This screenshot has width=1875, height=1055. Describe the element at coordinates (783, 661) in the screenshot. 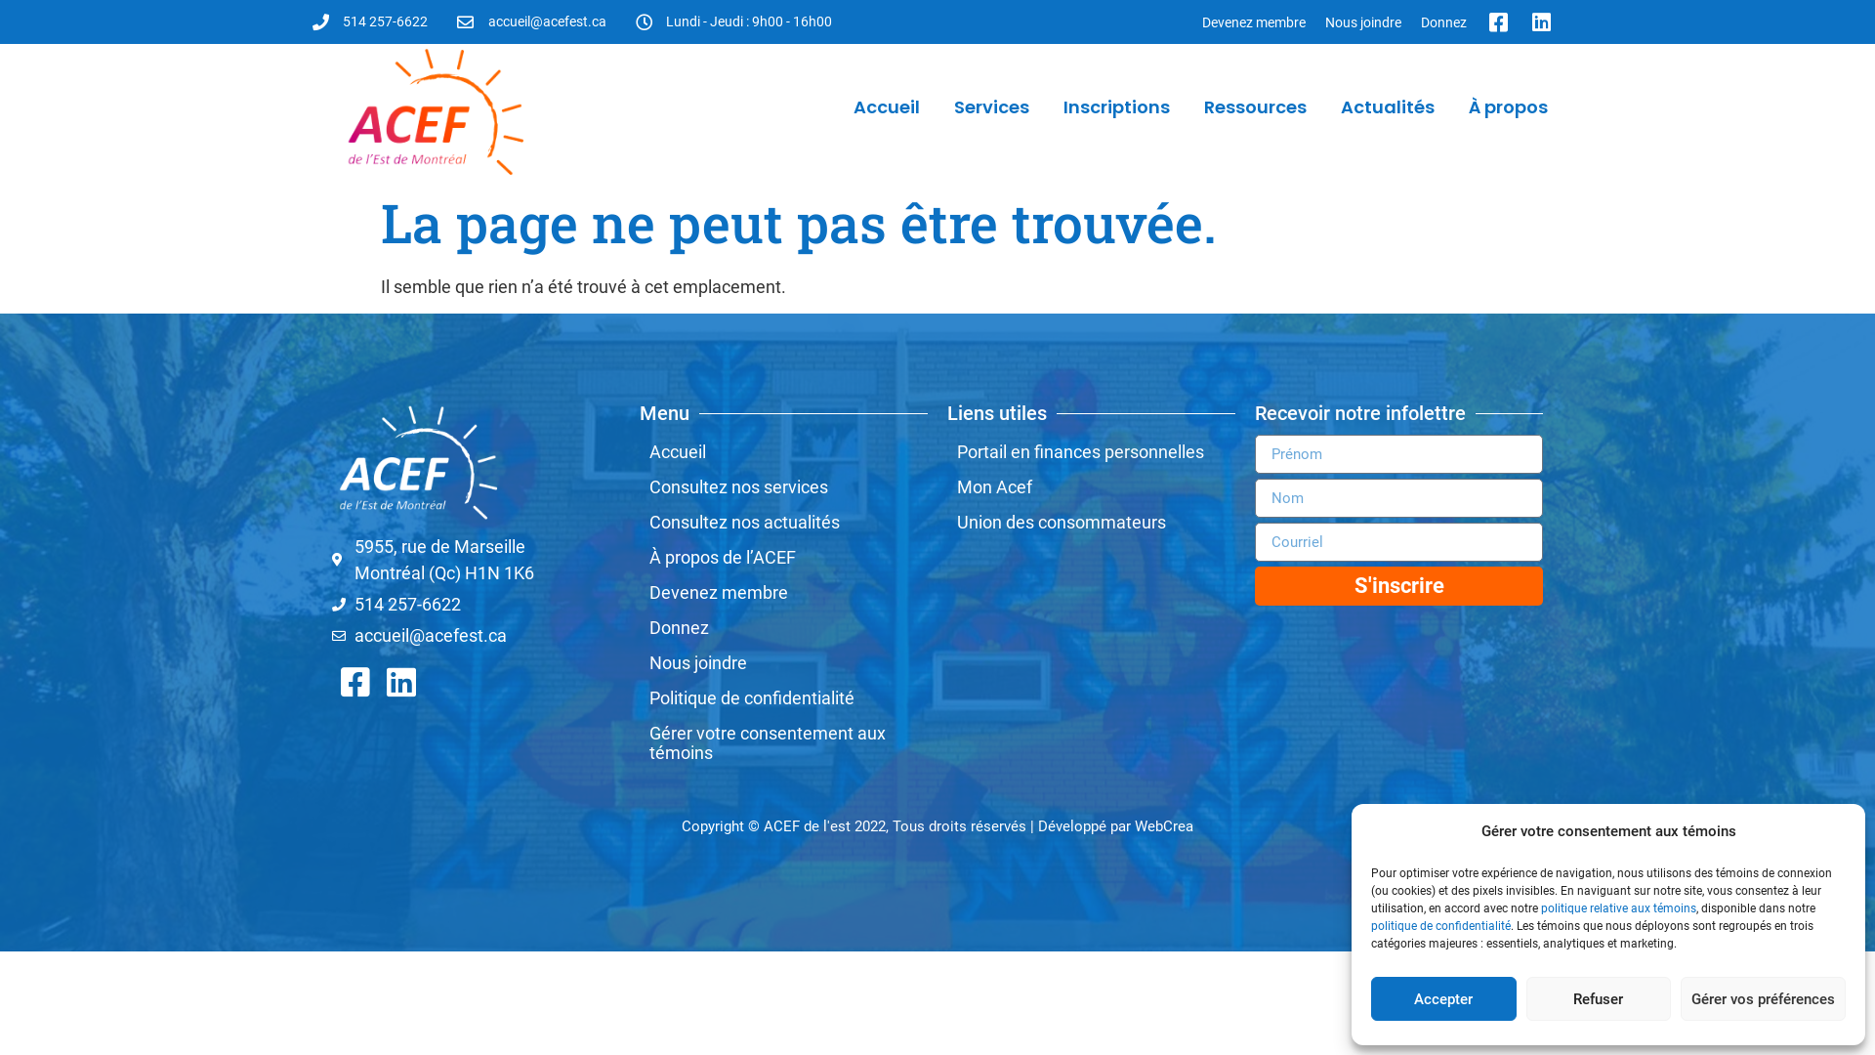

I see `'Nous joindre'` at that location.